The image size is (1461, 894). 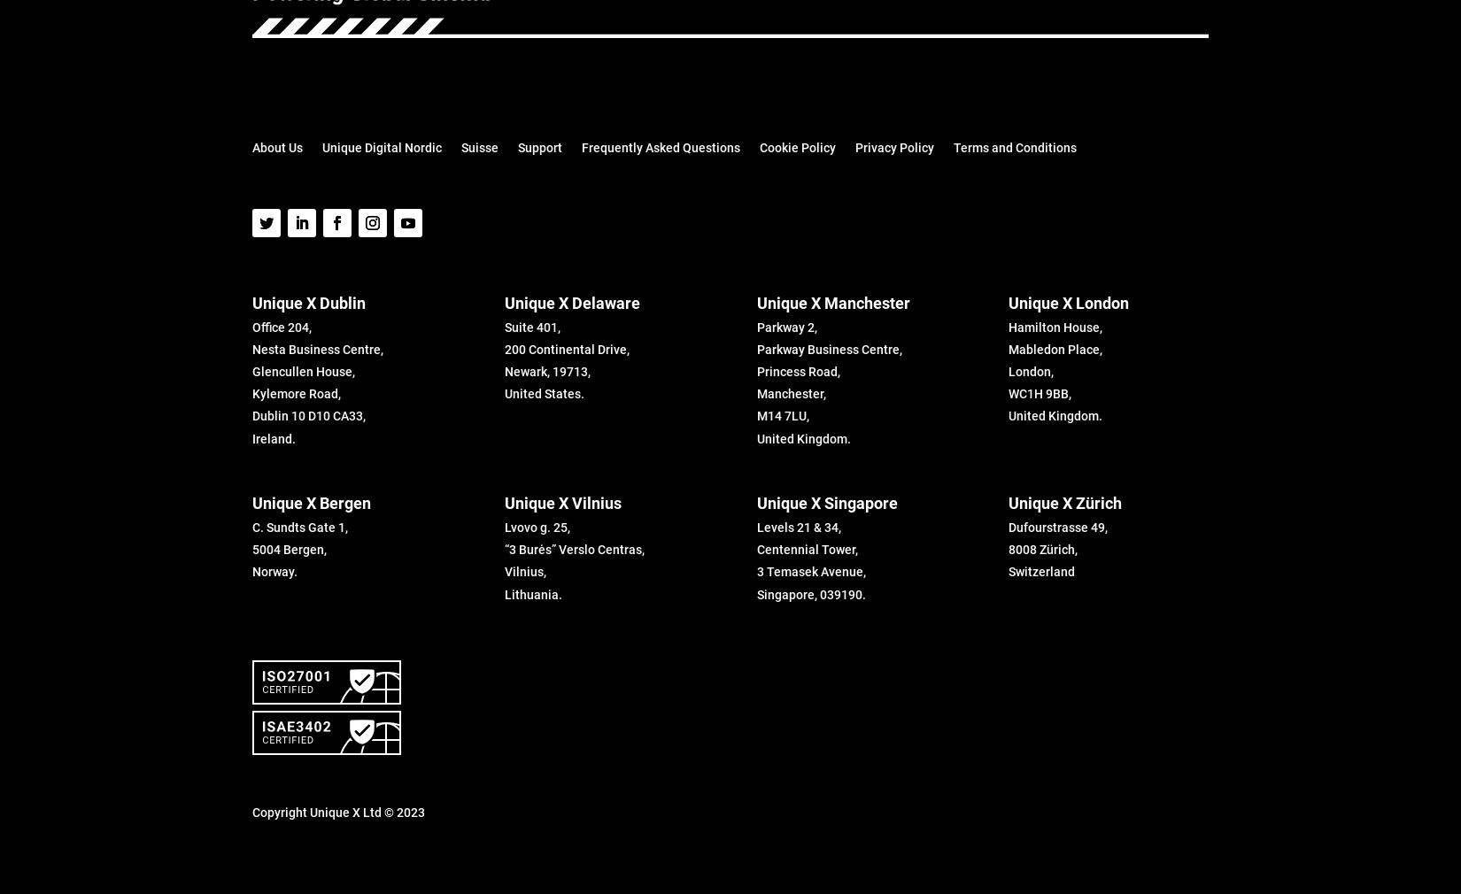 I want to click on 'Ireland.', so click(x=274, y=438).